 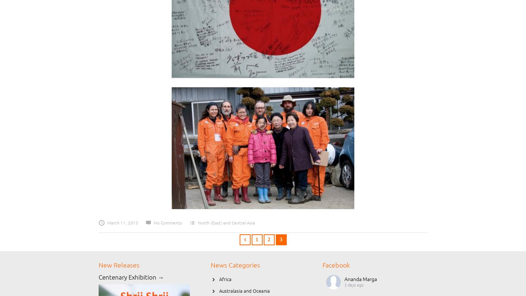 What do you see at coordinates (235, 265) in the screenshot?
I see `'News Categories'` at bounding box center [235, 265].